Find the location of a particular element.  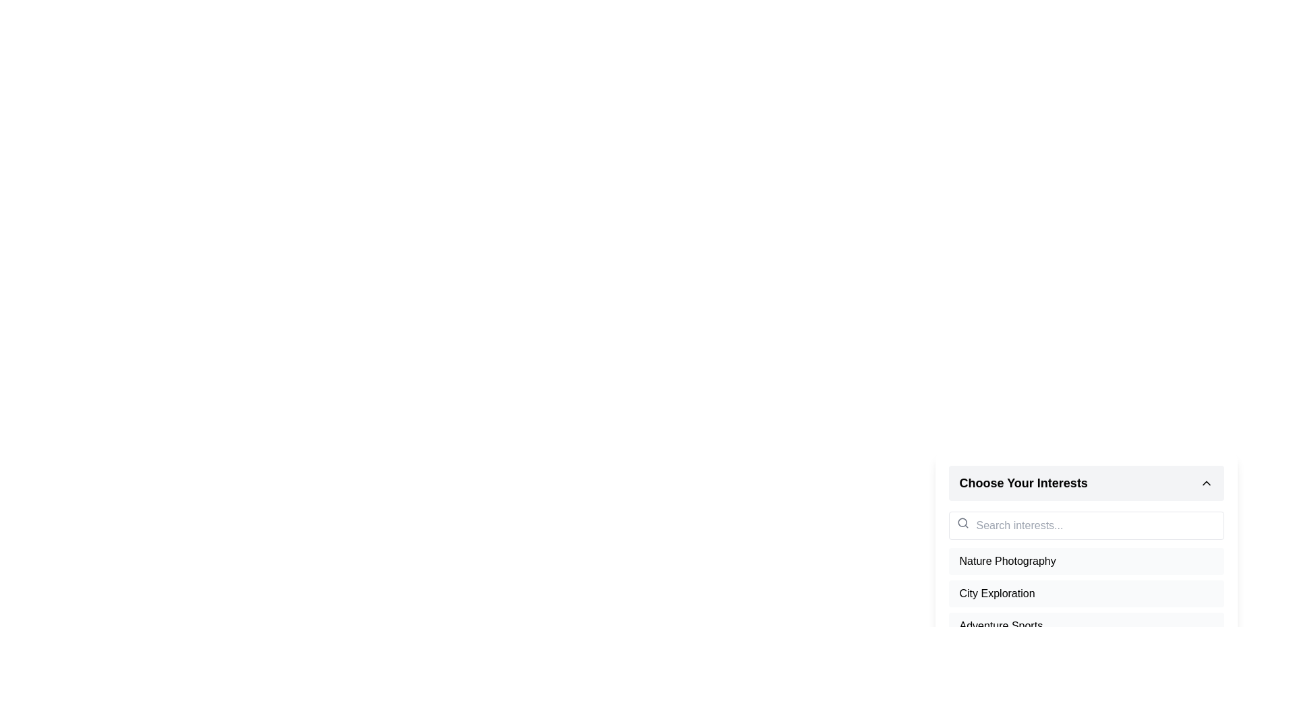

the 'Choose Your Interests' section title with bold black text is located at coordinates (1086, 483).